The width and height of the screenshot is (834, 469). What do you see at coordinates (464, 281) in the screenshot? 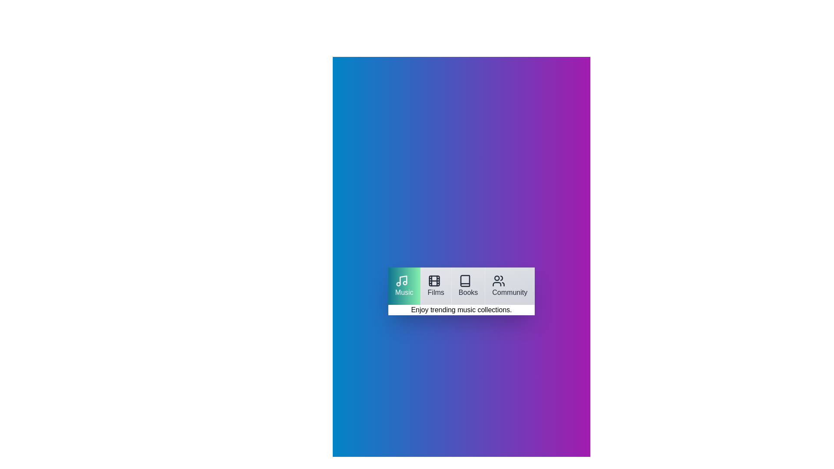
I see `the stylized gray book icon in the horizontal menu bar` at bounding box center [464, 281].